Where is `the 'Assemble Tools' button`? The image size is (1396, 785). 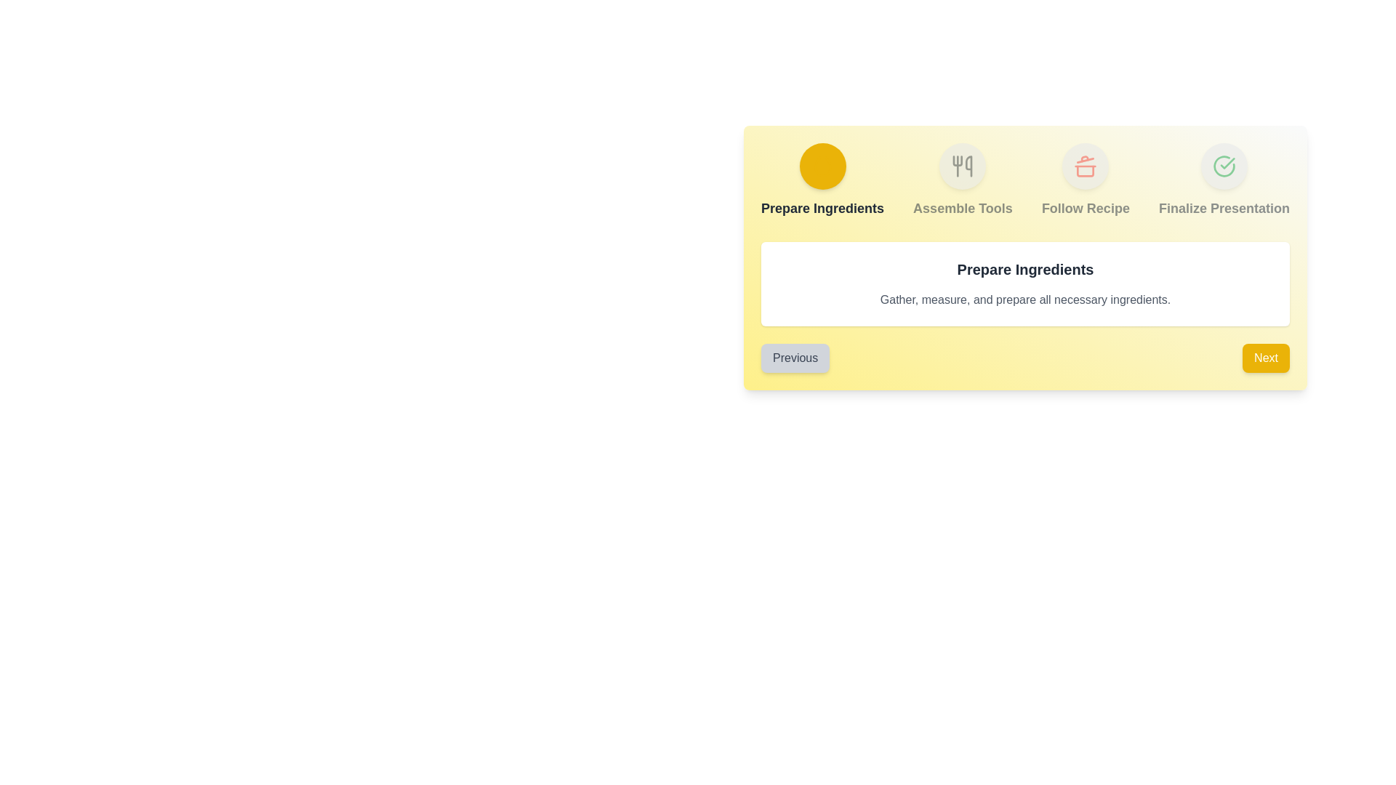 the 'Assemble Tools' button is located at coordinates (963, 165).